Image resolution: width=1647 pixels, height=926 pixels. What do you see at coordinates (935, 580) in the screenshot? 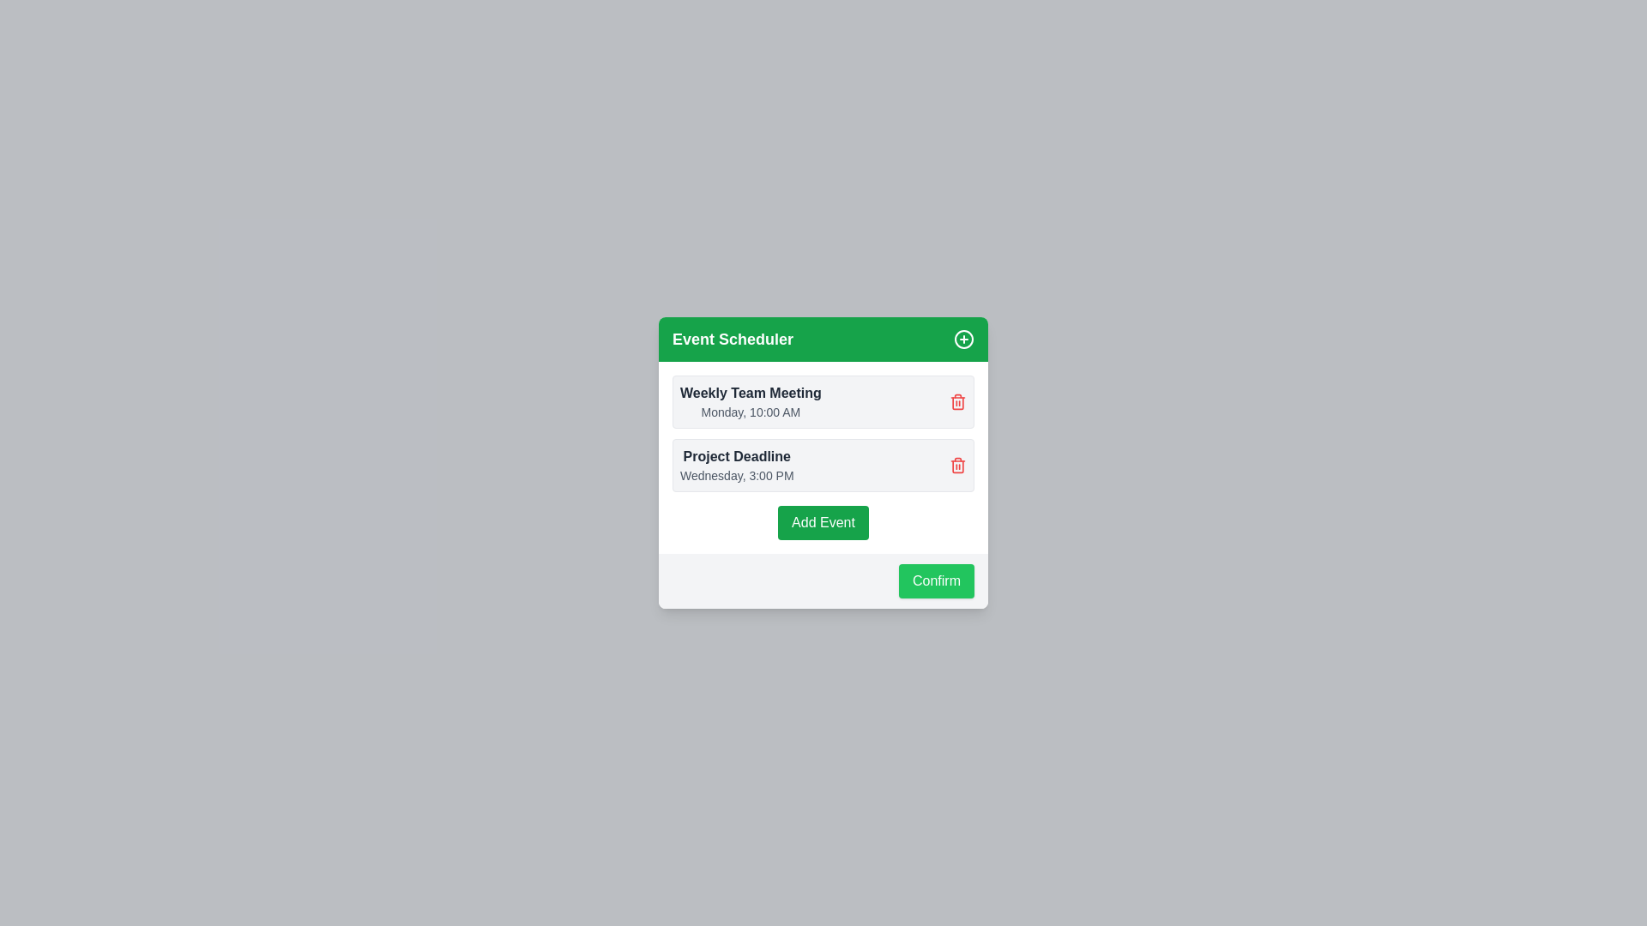
I see `the Confirm button to confirm the current list of events` at bounding box center [935, 580].